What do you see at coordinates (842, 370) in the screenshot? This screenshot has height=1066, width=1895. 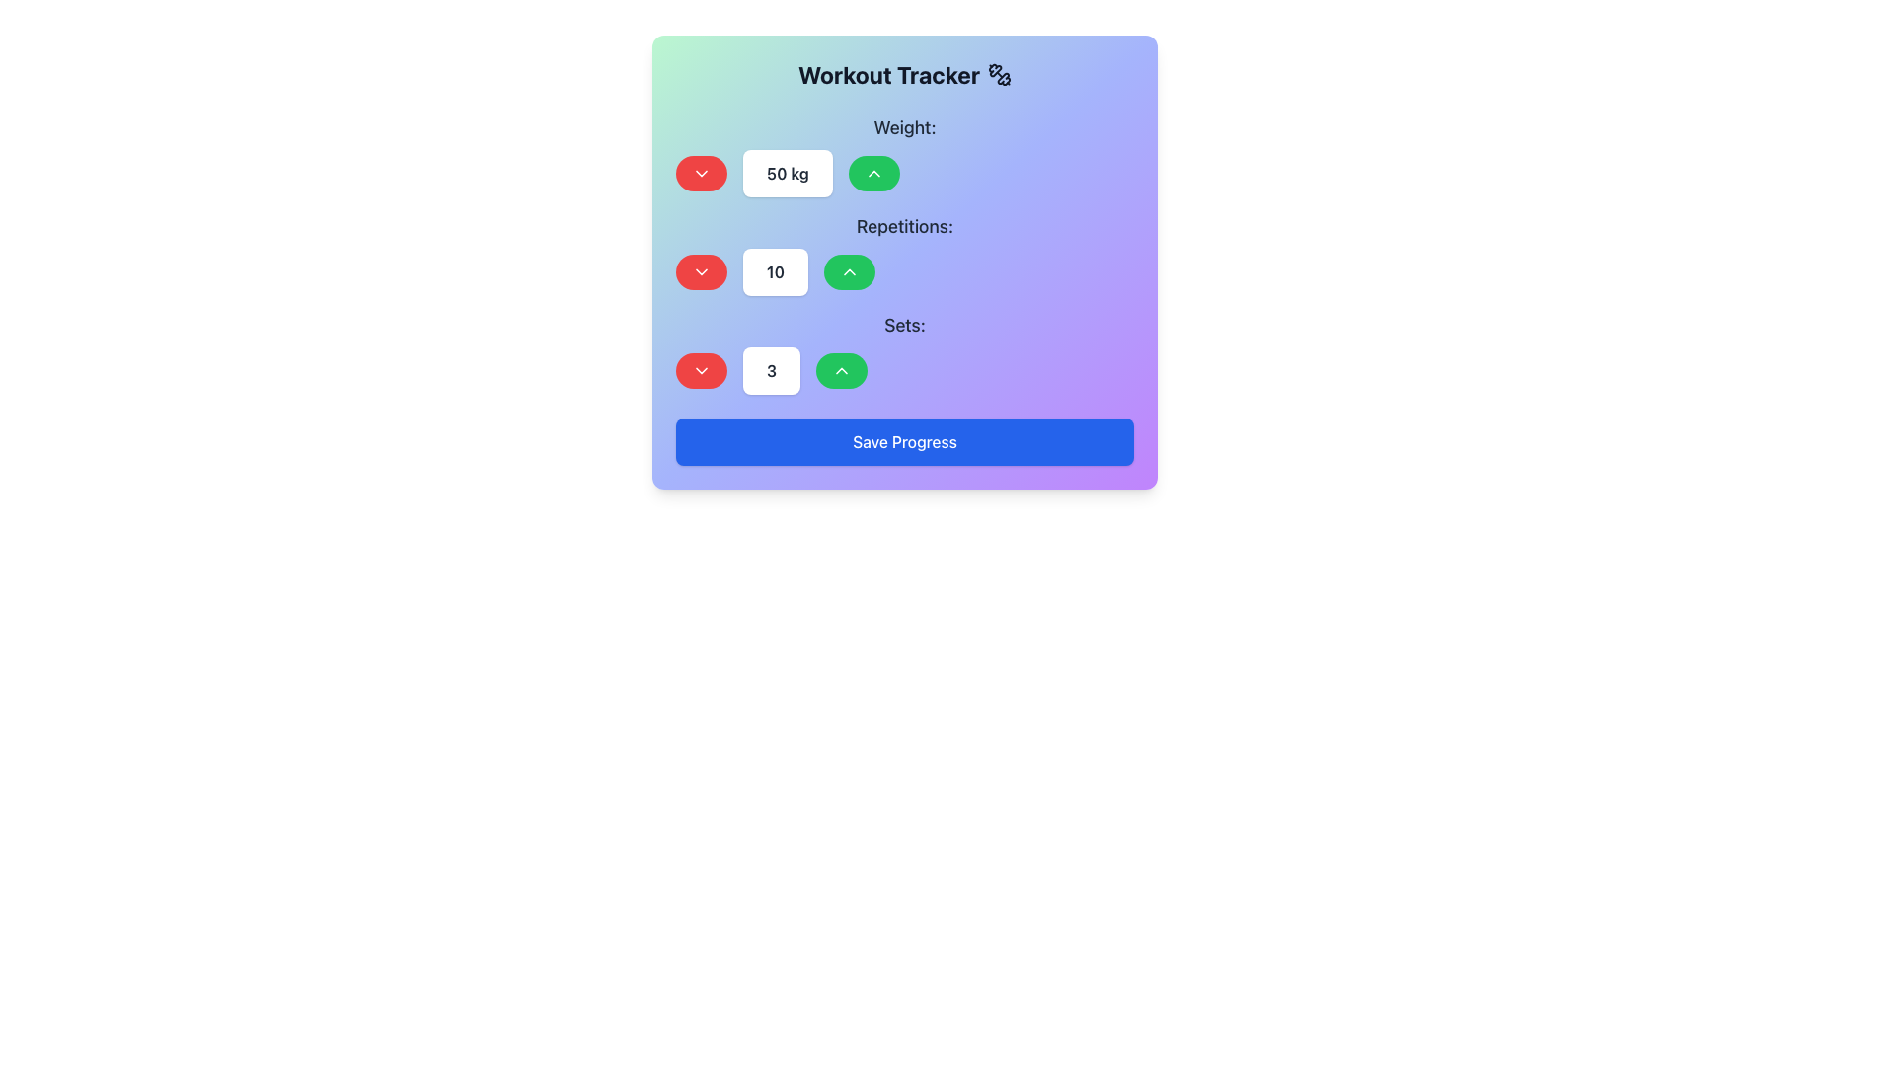 I see `the green rounded rectangular button with a white upward arrow icon` at bounding box center [842, 370].